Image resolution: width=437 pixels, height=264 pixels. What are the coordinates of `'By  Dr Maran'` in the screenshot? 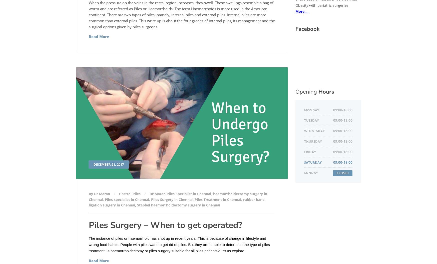 It's located at (100, 193).